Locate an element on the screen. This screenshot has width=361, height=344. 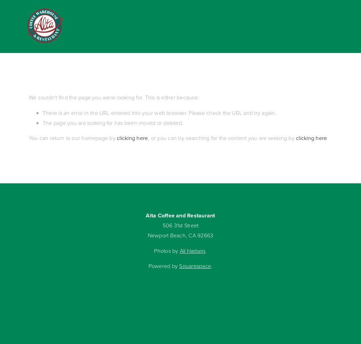
'Ali Hartwig' is located at coordinates (192, 250).